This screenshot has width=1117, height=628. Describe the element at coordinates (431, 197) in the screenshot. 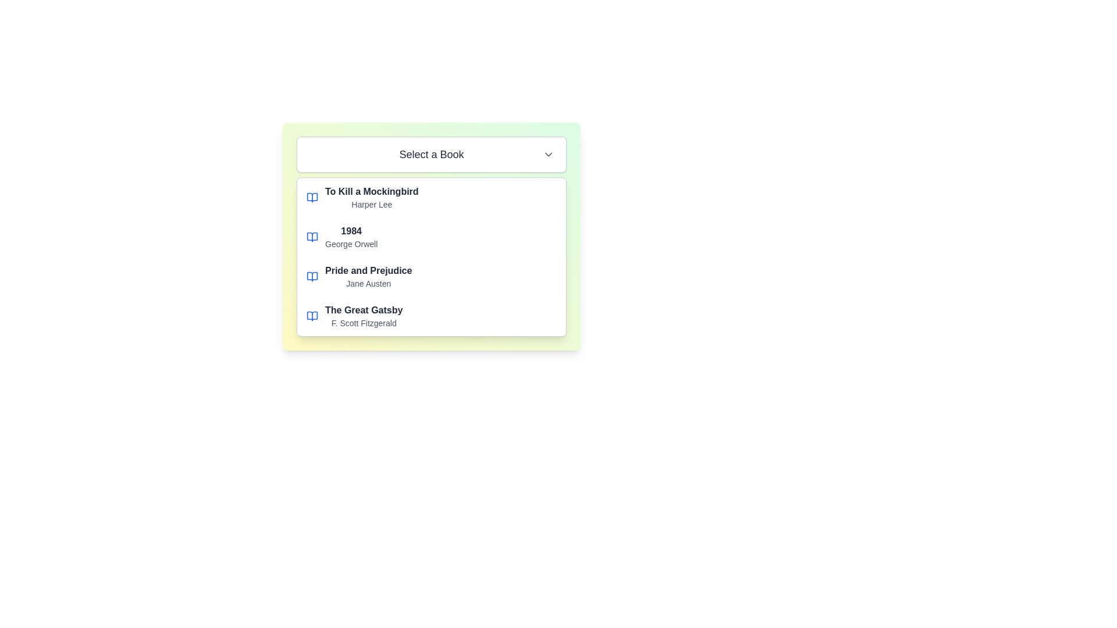

I see `the first selectable book item in the dropdown menu titled 'Select a Book'` at that location.